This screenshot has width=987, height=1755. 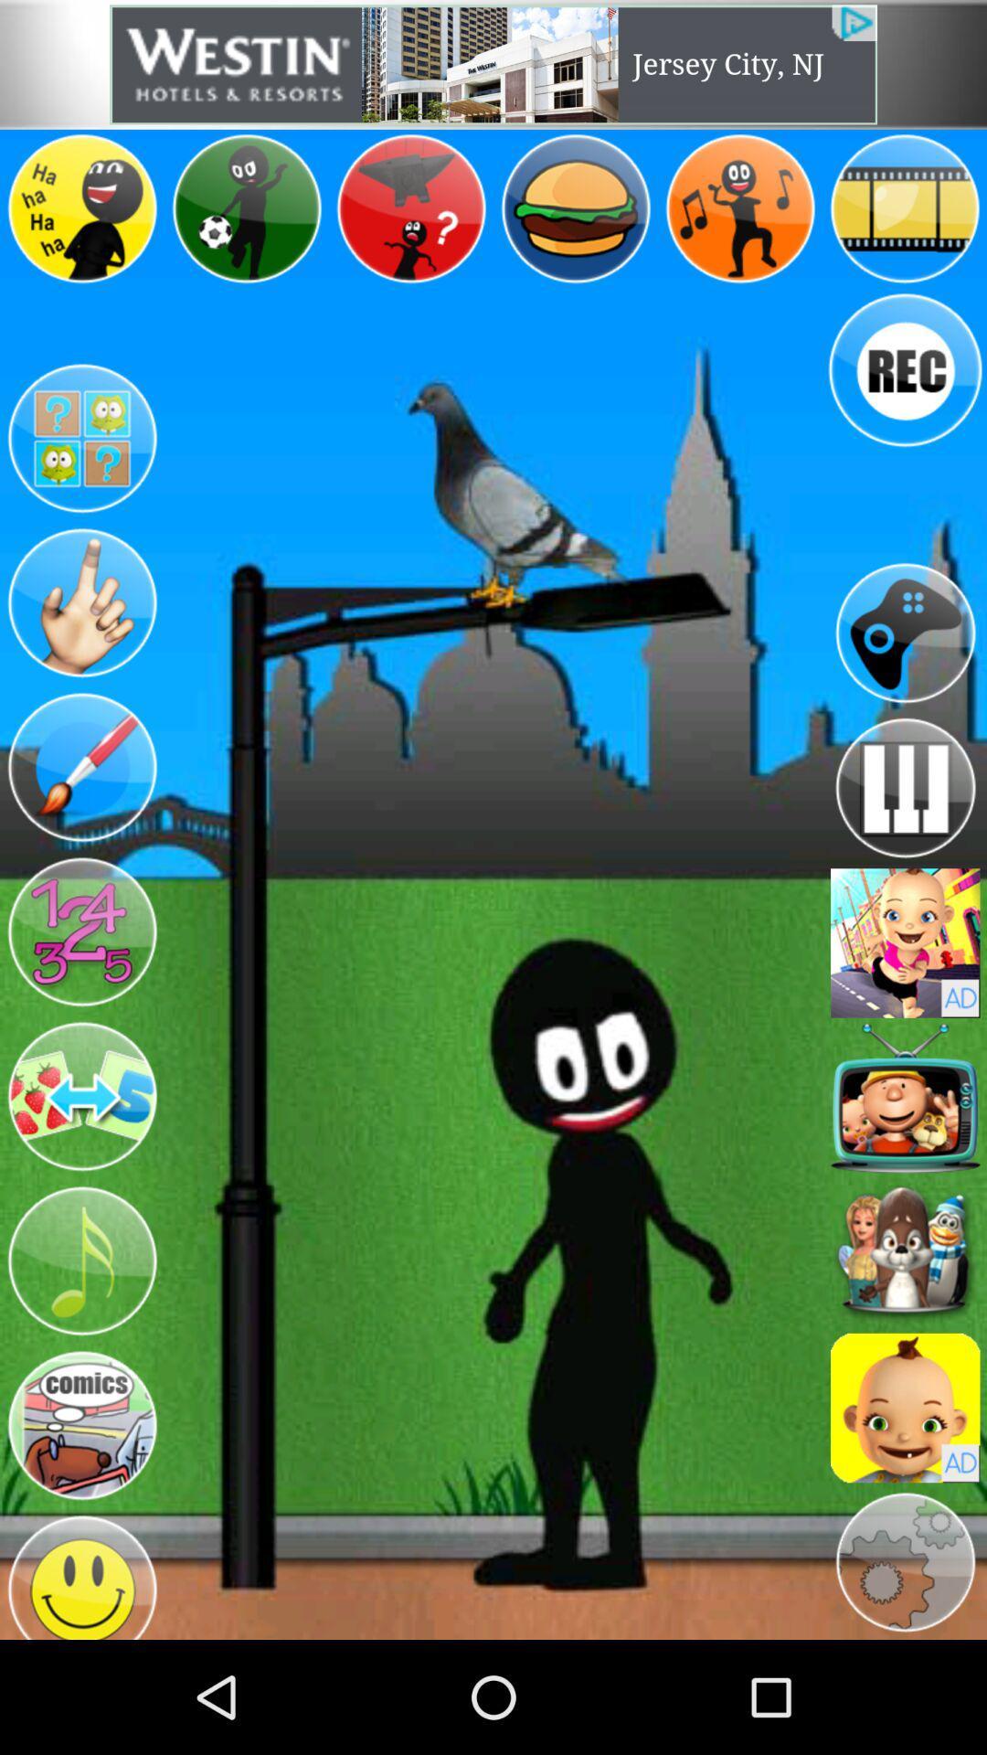 I want to click on gaming buttons, so click(x=80, y=931).